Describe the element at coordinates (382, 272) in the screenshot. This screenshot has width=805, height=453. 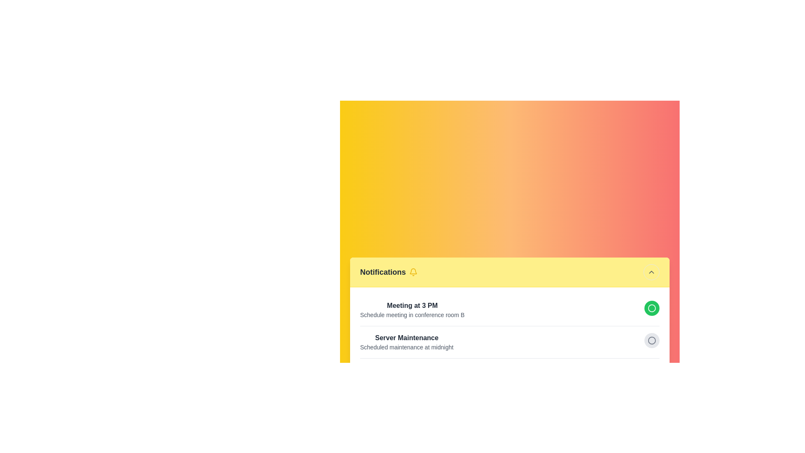
I see `the text label that indicates the content section for notifications or alerts, located in the yellow header area on the left side, preceding a bell icon` at that location.